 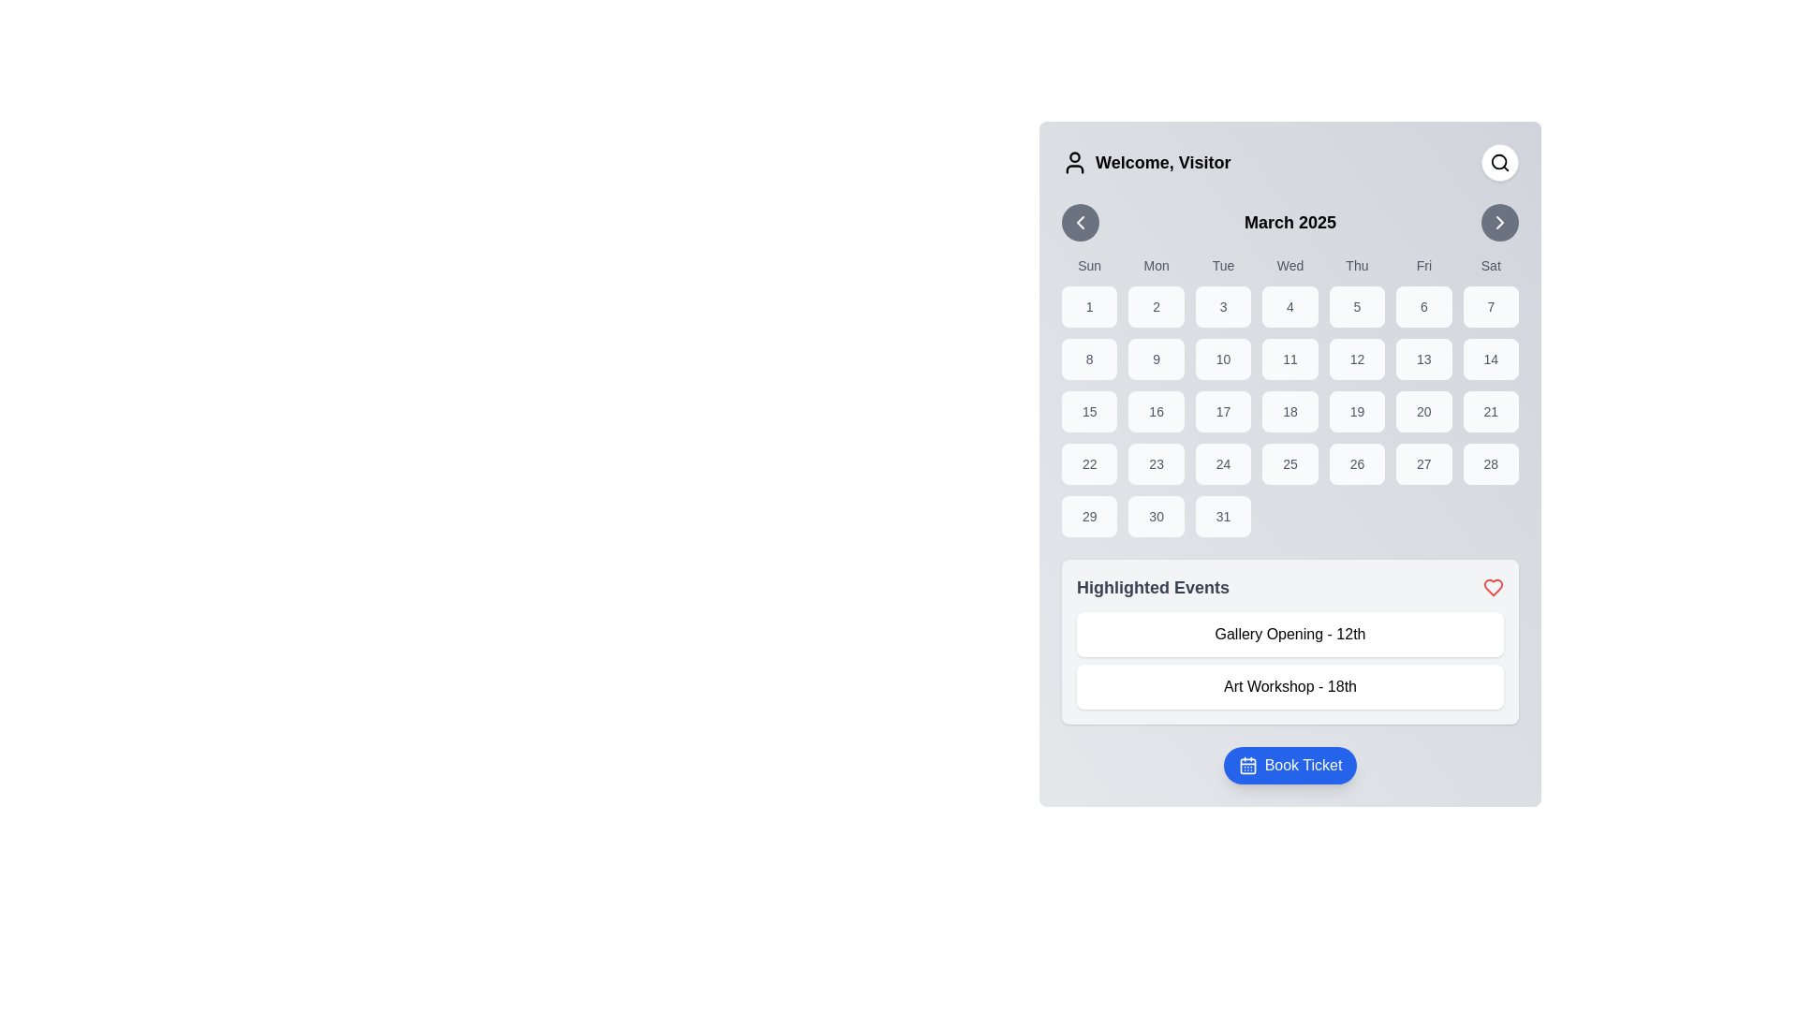 I want to click on the blue rectangular part of the calendar icon located within the 'Book Ticket' button at the bottom of the interface, so click(x=1247, y=766).